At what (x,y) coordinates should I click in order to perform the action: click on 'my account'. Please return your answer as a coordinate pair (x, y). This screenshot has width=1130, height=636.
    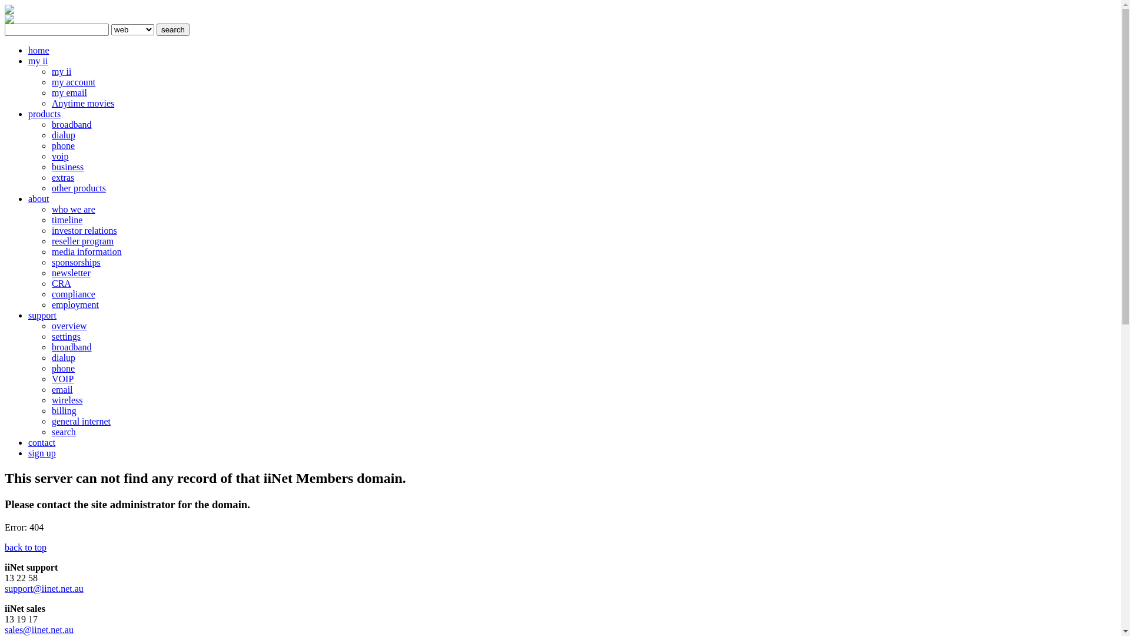
    Looking at the image, I should click on (72, 81).